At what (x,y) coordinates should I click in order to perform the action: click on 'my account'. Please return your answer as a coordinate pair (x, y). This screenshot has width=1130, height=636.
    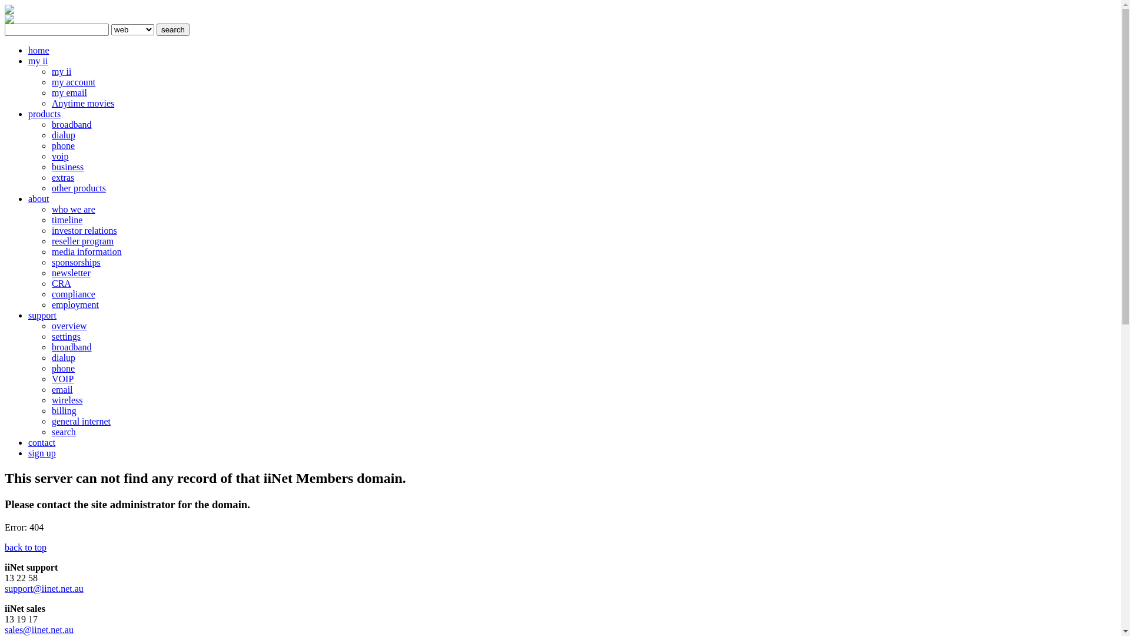
    Looking at the image, I should click on (72, 81).